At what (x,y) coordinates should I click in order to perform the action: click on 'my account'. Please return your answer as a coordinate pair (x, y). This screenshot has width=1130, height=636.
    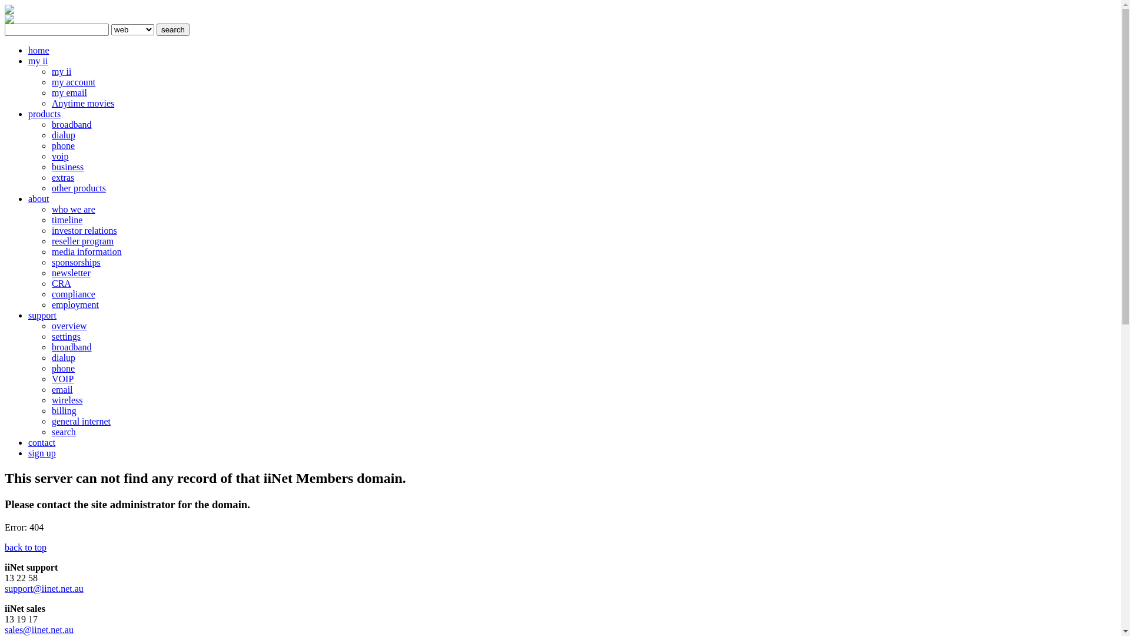
    Looking at the image, I should click on (72, 81).